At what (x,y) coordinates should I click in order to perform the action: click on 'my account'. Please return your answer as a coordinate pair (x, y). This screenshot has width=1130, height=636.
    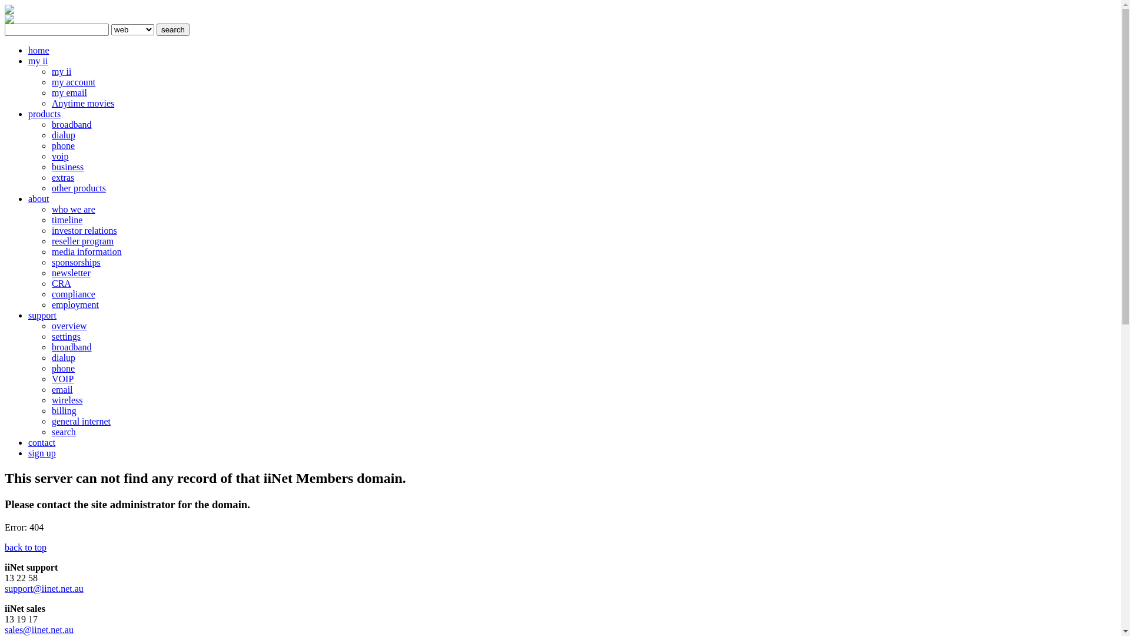
    Looking at the image, I should click on (72, 81).